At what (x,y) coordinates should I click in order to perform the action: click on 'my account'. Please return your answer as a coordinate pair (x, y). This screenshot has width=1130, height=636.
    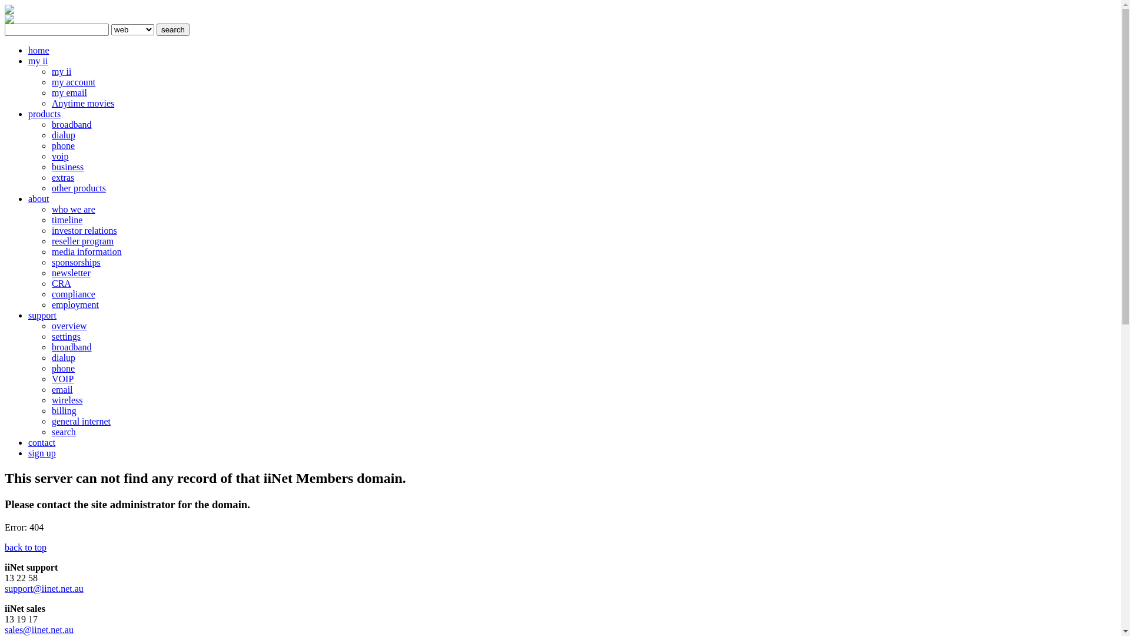
    Looking at the image, I should click on (72, 81).